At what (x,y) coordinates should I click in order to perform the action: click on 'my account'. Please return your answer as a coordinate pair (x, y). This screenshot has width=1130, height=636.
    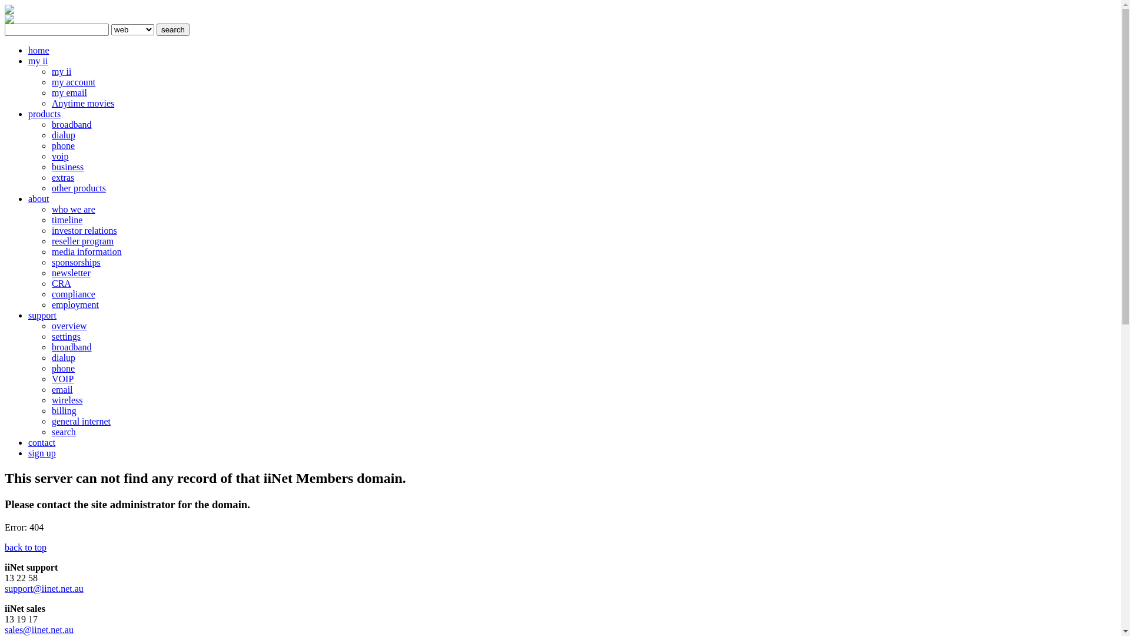
    Looking at the image, I should click on (72, 81).